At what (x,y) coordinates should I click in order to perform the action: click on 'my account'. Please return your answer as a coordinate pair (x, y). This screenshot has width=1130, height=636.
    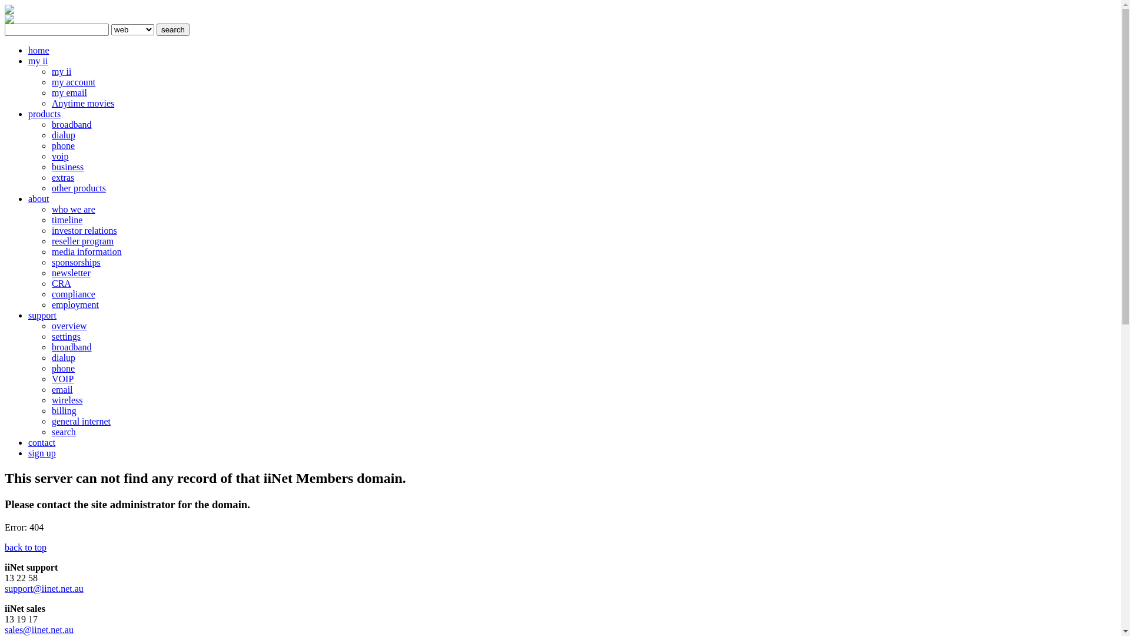
    Looking at the image, I should click on (72, 81).